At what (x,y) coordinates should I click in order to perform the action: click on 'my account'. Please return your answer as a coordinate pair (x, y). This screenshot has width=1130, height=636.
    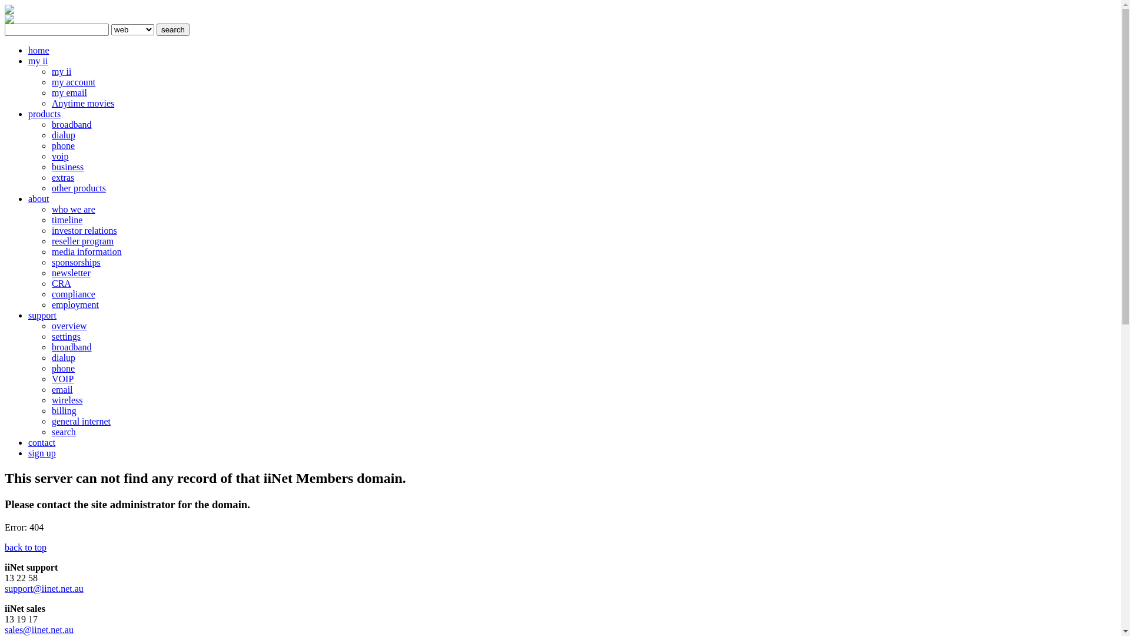
    Looking at the image, I should click on (72, 81).